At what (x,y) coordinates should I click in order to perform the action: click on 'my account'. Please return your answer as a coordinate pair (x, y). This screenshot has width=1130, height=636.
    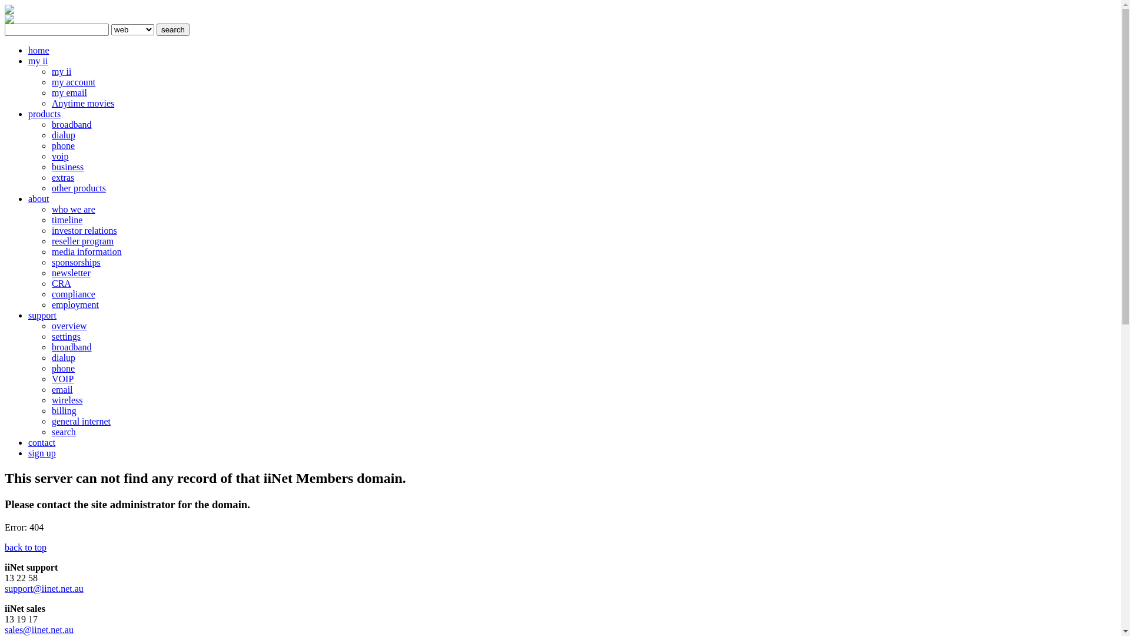
    Looking at the image, I should click on (72, 81).